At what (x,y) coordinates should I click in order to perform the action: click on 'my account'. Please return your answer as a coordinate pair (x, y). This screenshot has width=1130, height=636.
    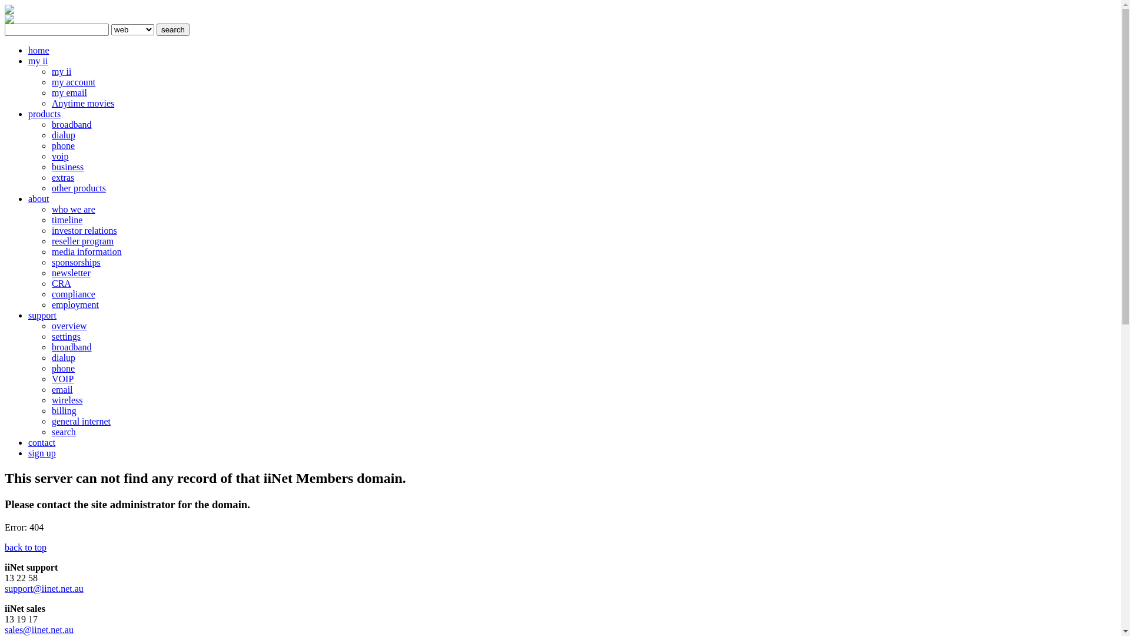
    Looking at the image, I should click on (72, 81).